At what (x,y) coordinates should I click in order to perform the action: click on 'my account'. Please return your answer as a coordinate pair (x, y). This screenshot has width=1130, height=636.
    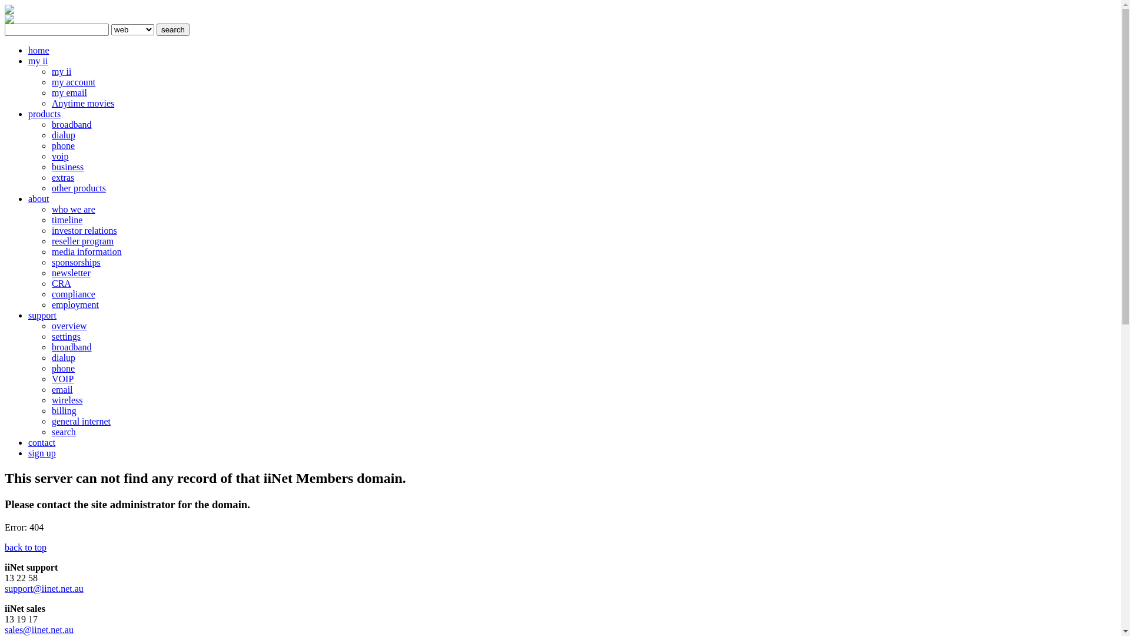
    Looking at the image, I should click on (72, 81).